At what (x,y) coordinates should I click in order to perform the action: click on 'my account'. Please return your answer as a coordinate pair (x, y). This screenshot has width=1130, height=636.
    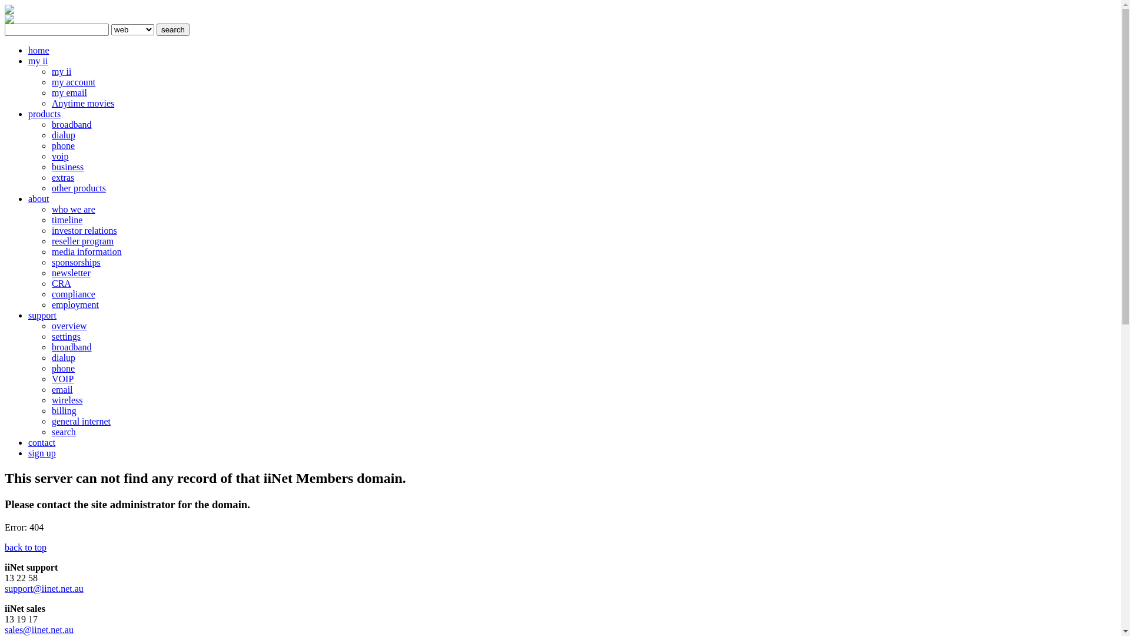
    Looking at the image, I should click on (72, 81).